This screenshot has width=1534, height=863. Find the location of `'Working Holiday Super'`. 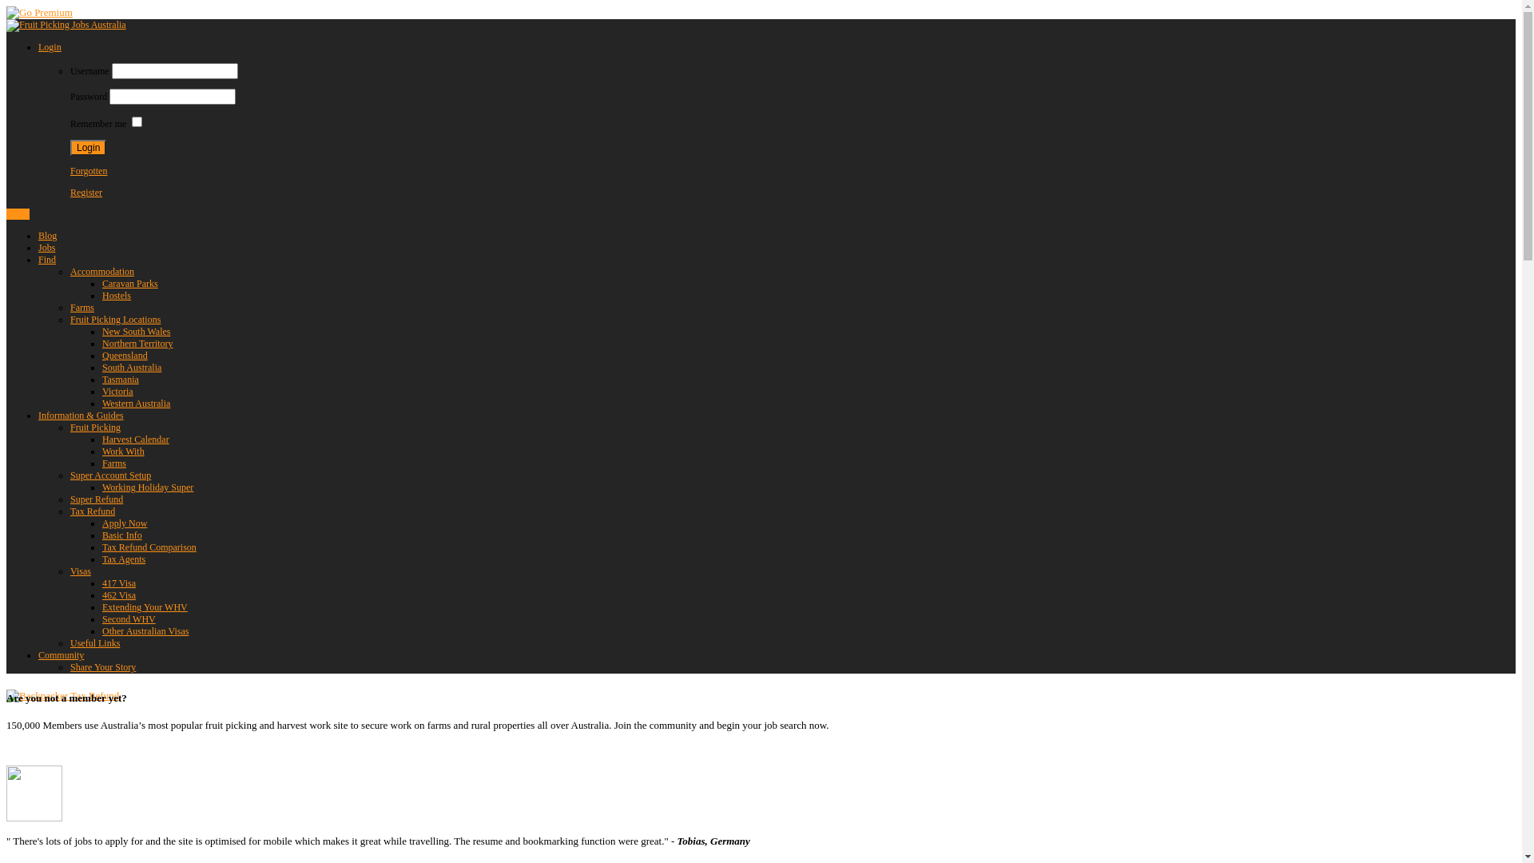

'Working Holiday Super' is located at coordinates (148, 486).